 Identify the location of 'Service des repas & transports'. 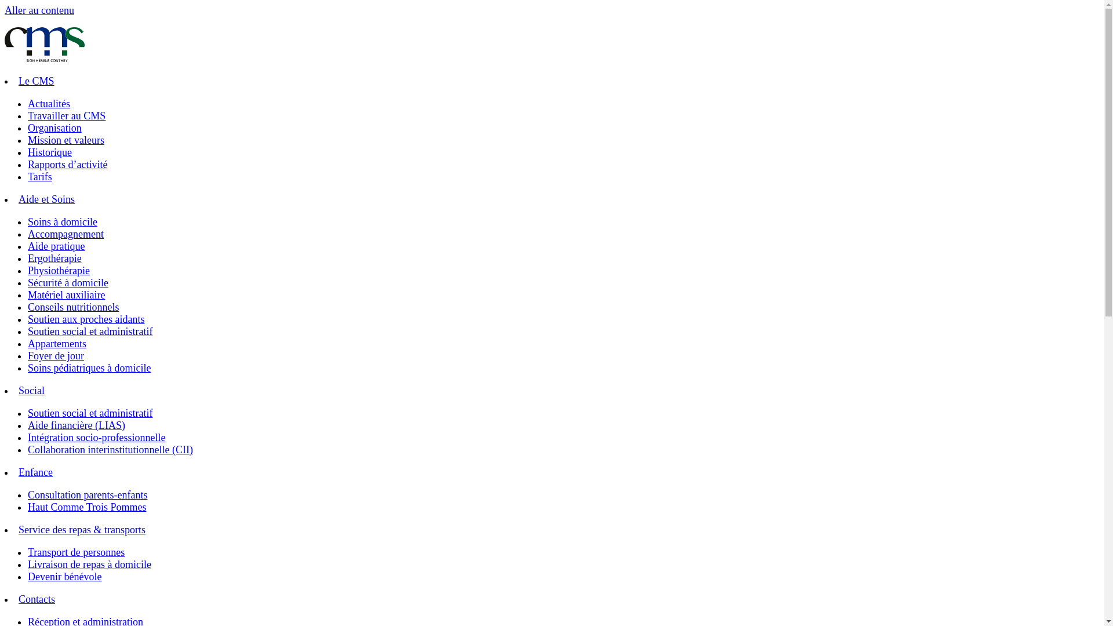
(81, 530).